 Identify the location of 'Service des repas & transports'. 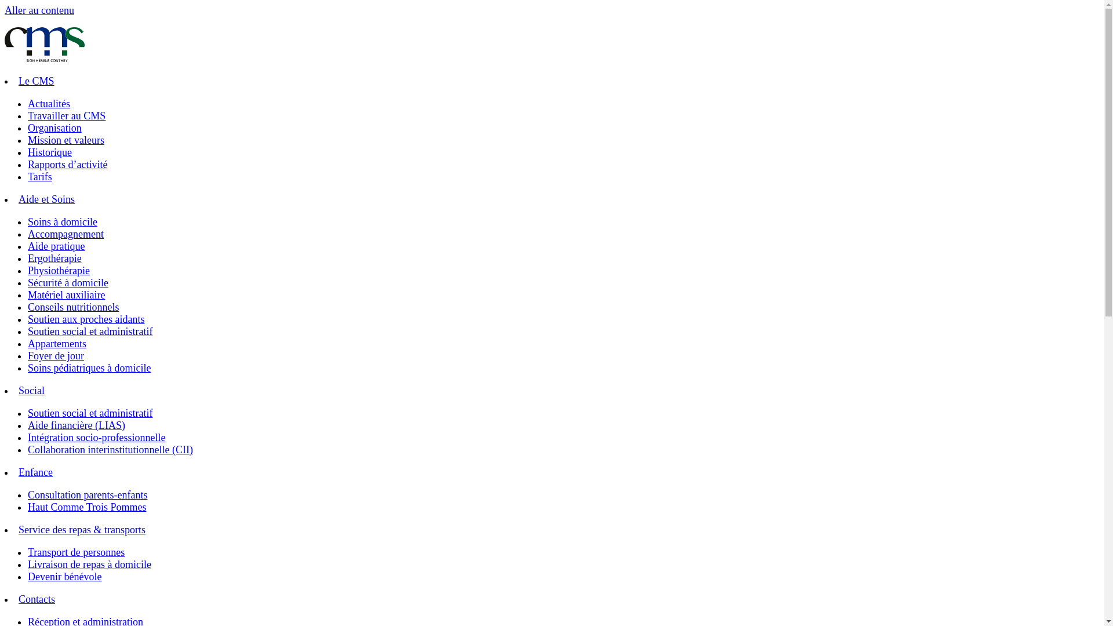
(81, 530).